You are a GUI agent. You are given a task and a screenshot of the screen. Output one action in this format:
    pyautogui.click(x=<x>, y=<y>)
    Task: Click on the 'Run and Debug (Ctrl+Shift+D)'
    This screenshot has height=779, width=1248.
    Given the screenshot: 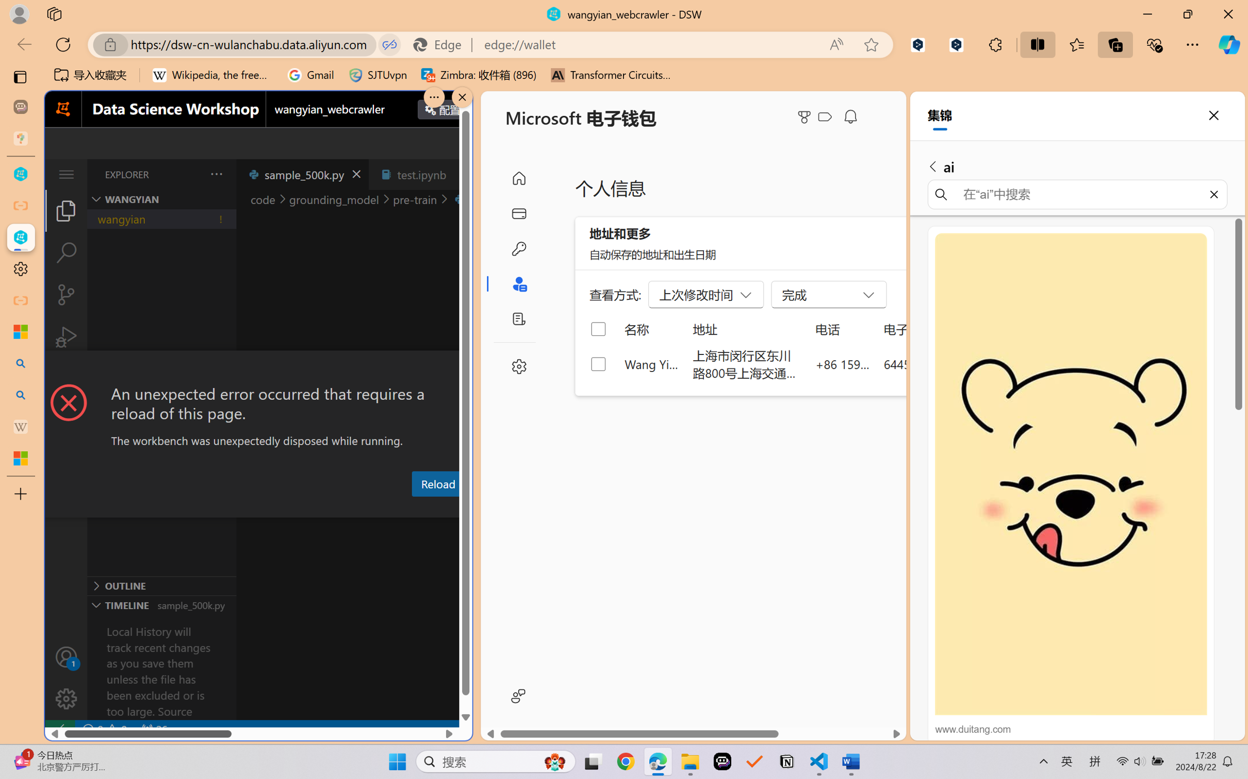 What is the action you would take?
    pyautogui.click(x=65, y=336)
    